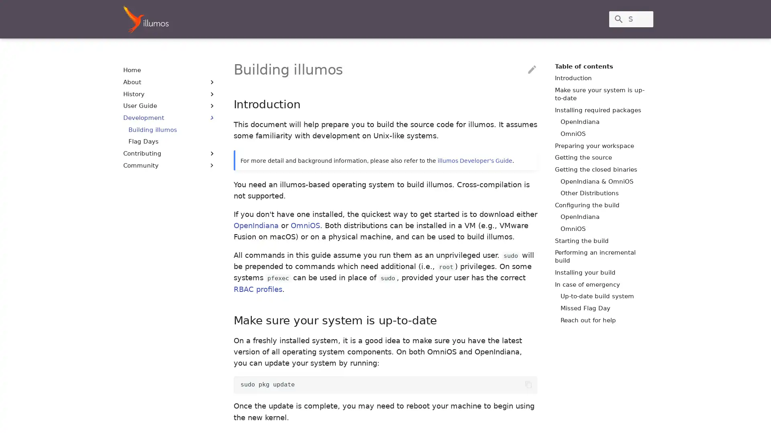 This screenshot has width=771, height=433. What do you see at coordinates (528, 384) in the screenshot?
I see `Copy to clipboard` at bounding box center [528, 384].